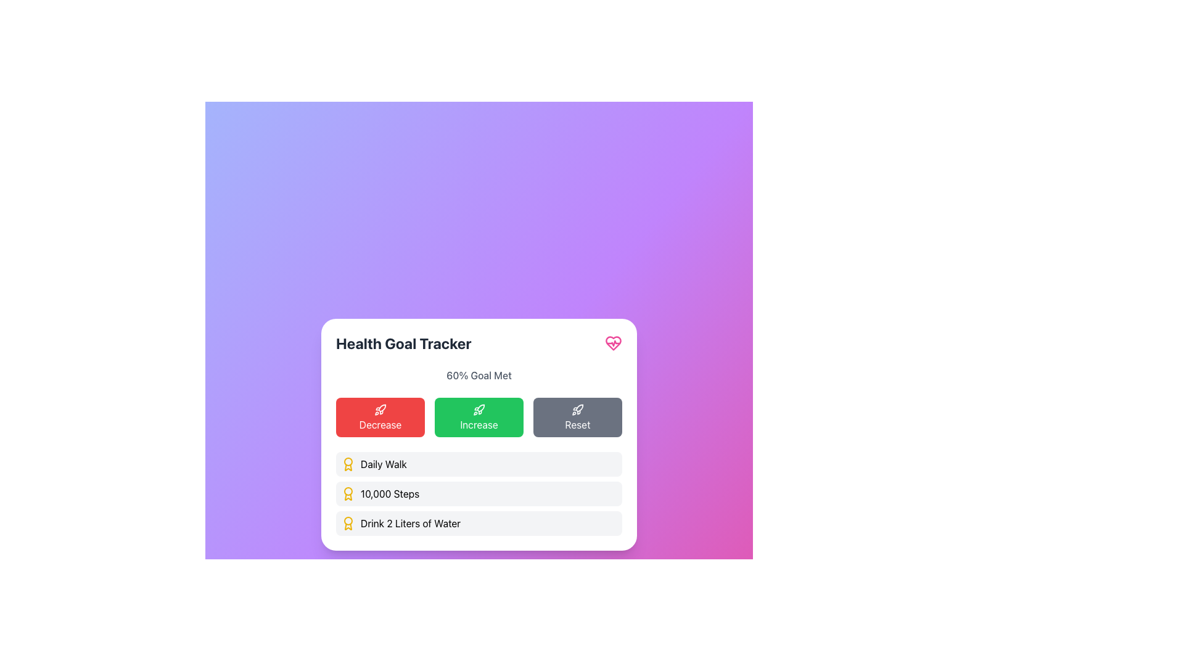 The width and height of the screenshot is (1184, 666). Describe the element at coordinates (348, 464) in the screenshot. I see `the golden-yellow circular award emblem icon at the beginning of the 'Daily Walk' entry in the health goals list` at that location.